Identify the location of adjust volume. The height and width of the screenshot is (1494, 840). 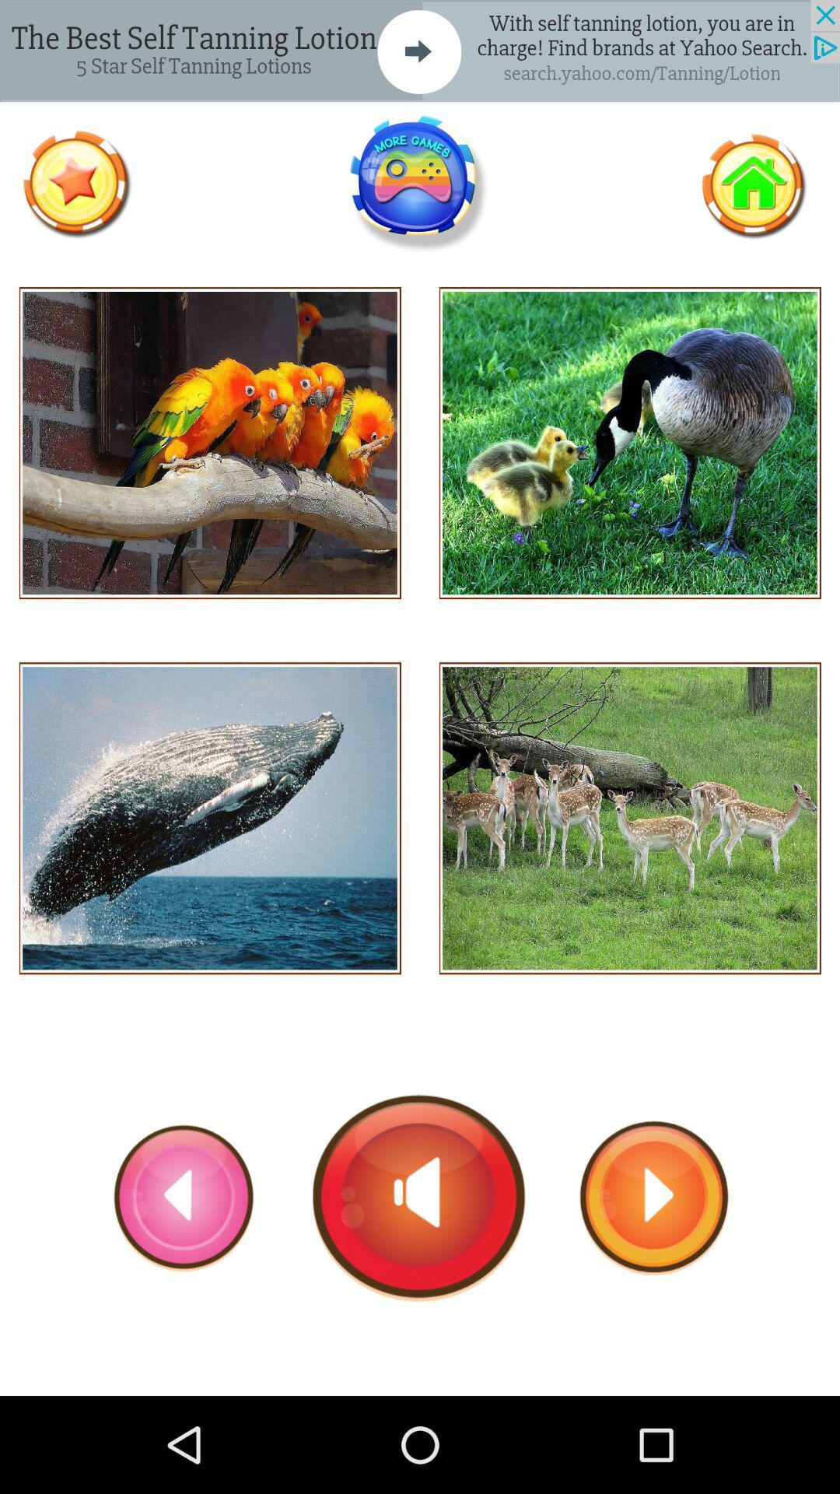
(418, 1197).